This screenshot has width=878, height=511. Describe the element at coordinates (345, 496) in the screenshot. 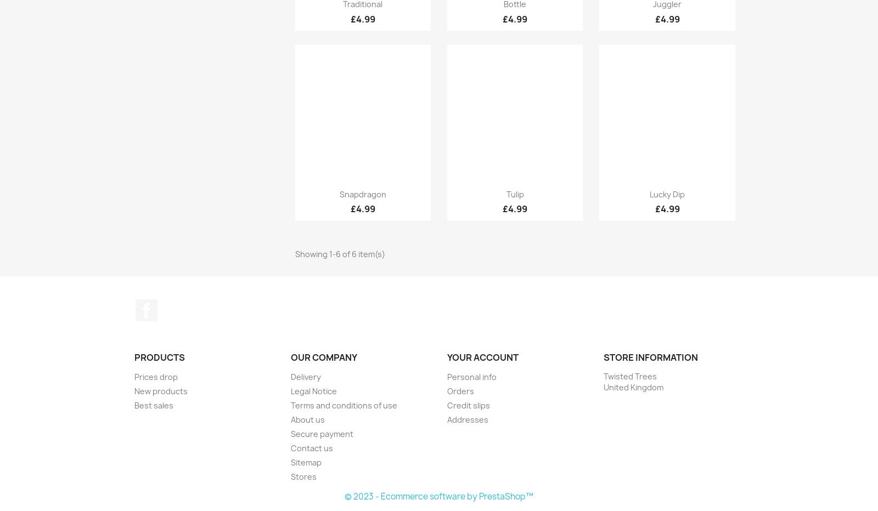

I see `'© 2023 - Ecommerce software by PrestaShop™'` at that location.